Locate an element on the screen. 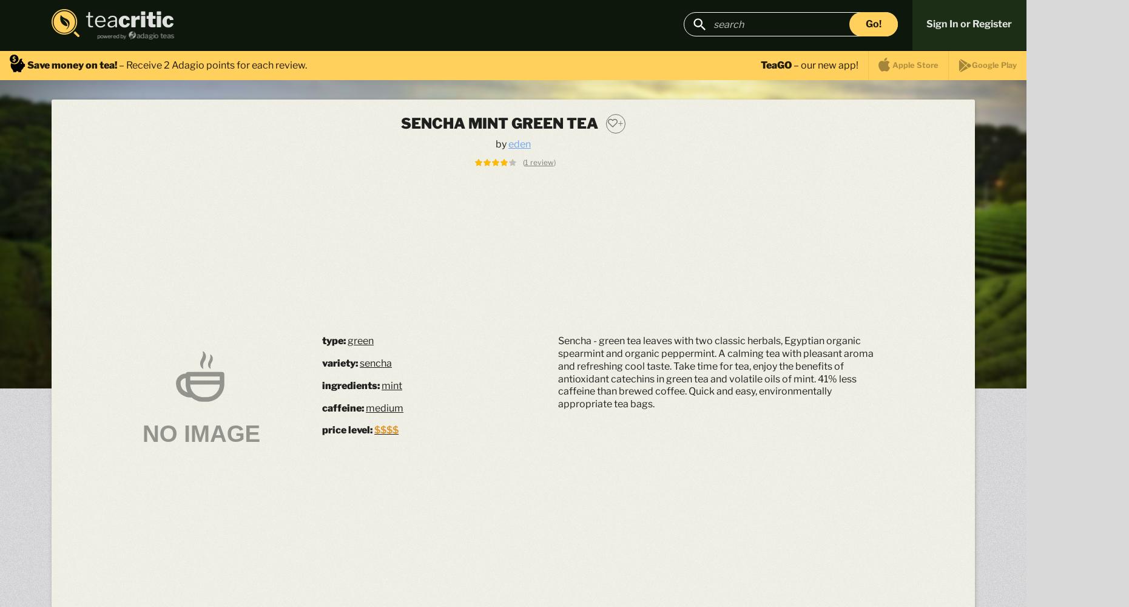  'TeaGO' is located at coordinates (776, 64).